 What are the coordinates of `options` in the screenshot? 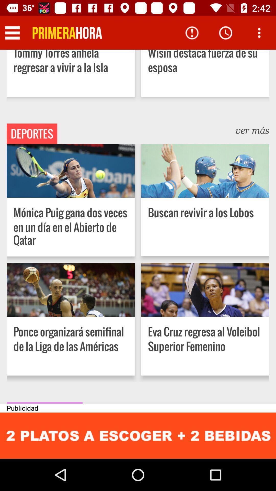 It's located at (259, 32).